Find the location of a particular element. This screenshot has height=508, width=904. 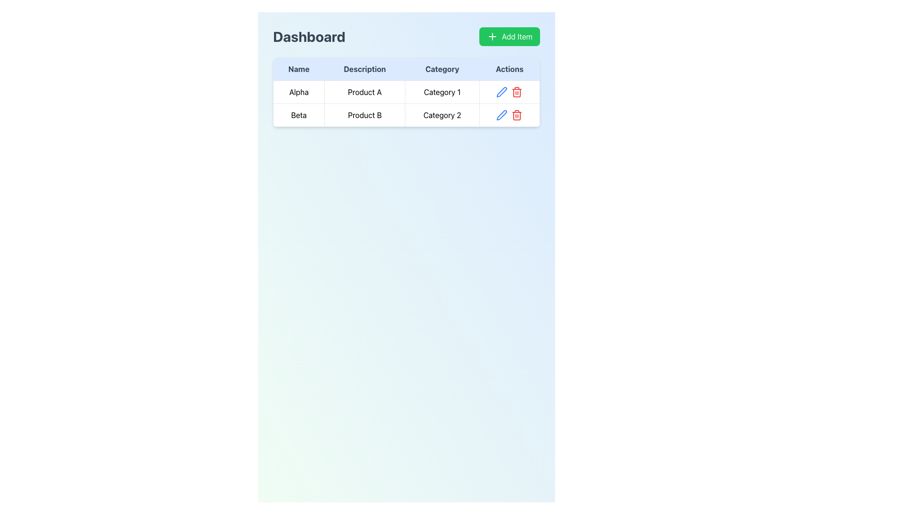

across the table cell displaying 'Product B' is located at coordinates (364, 115).